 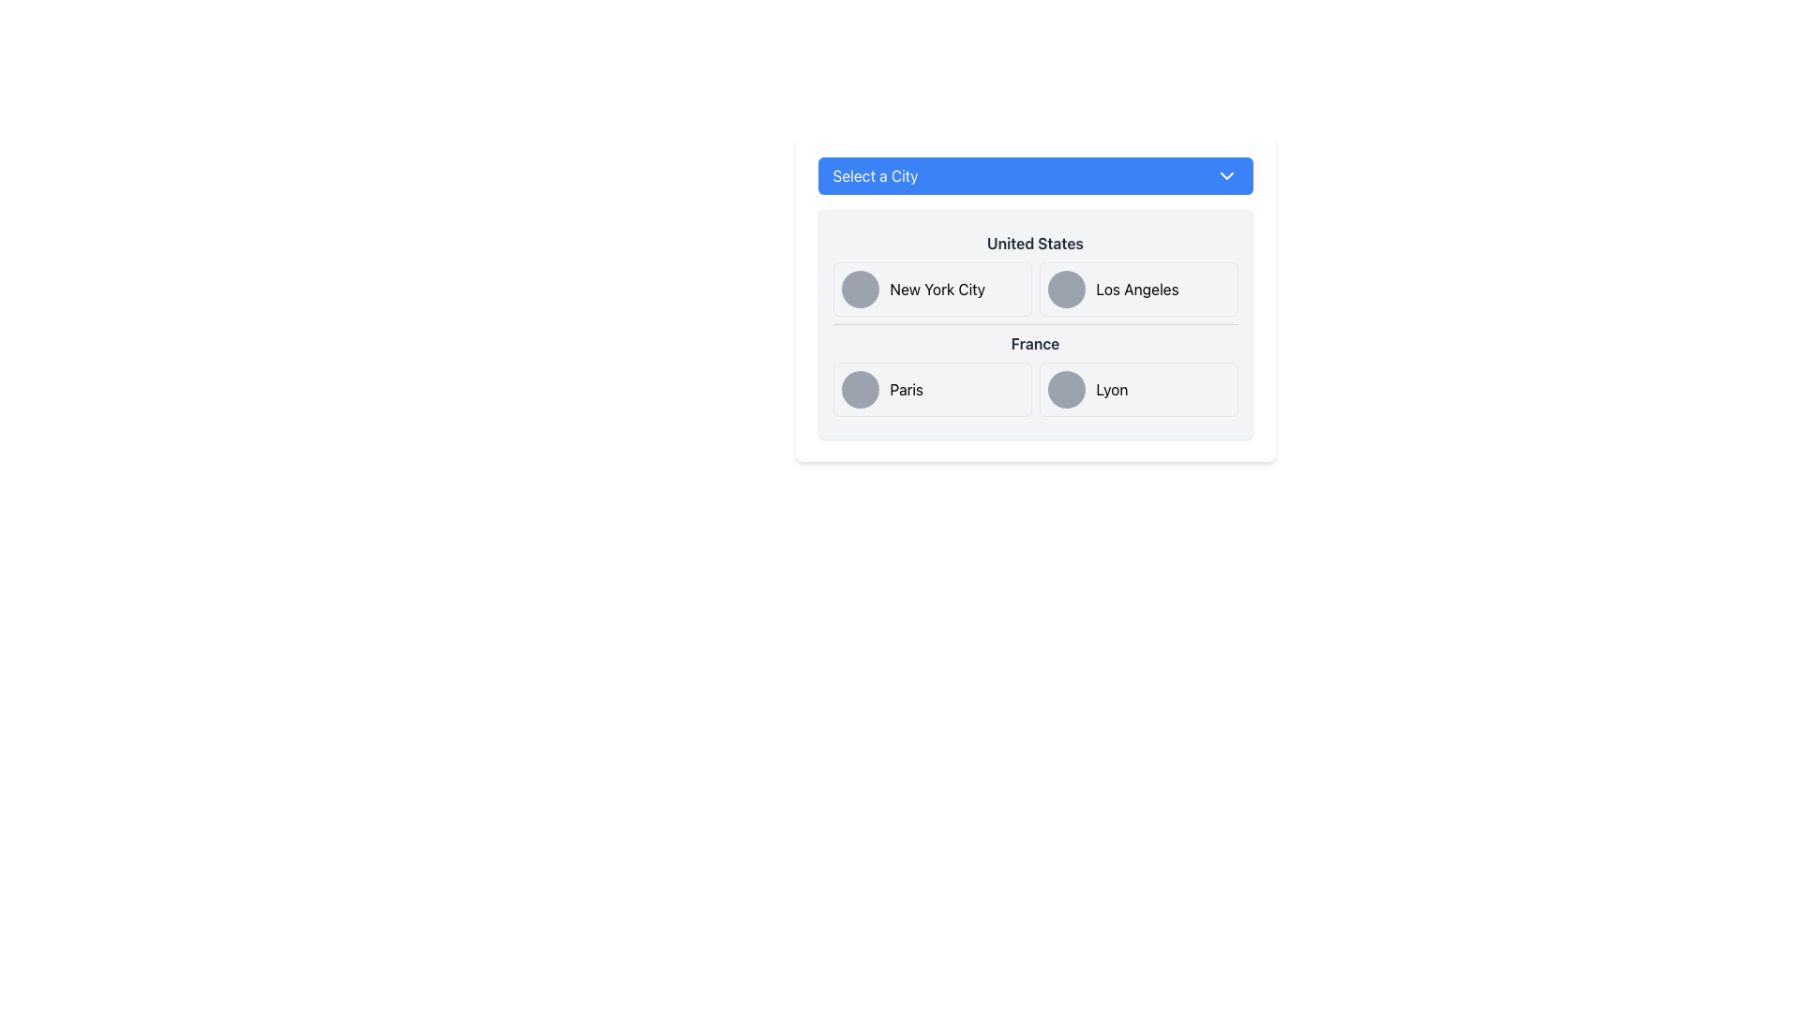 I want to click on the dropdown button labeled 'Select a City' with a blue background and a downward-pointing arrow, so click(x=1034, y=176).